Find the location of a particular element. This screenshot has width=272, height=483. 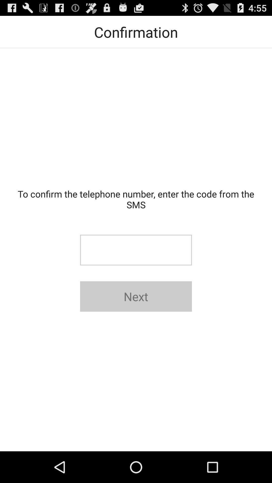

text on sms is located at coordinates (136, 250).